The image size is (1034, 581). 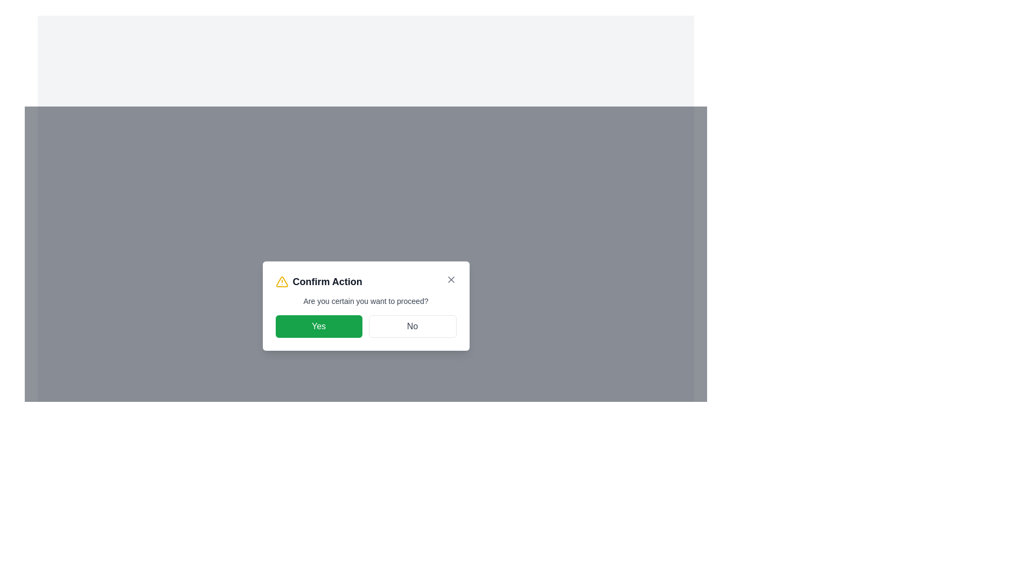 I want to click on the 'Yes' button on the left side of the horizontal button group in the dialog box to confirm the action, so click(x=318, y=325).